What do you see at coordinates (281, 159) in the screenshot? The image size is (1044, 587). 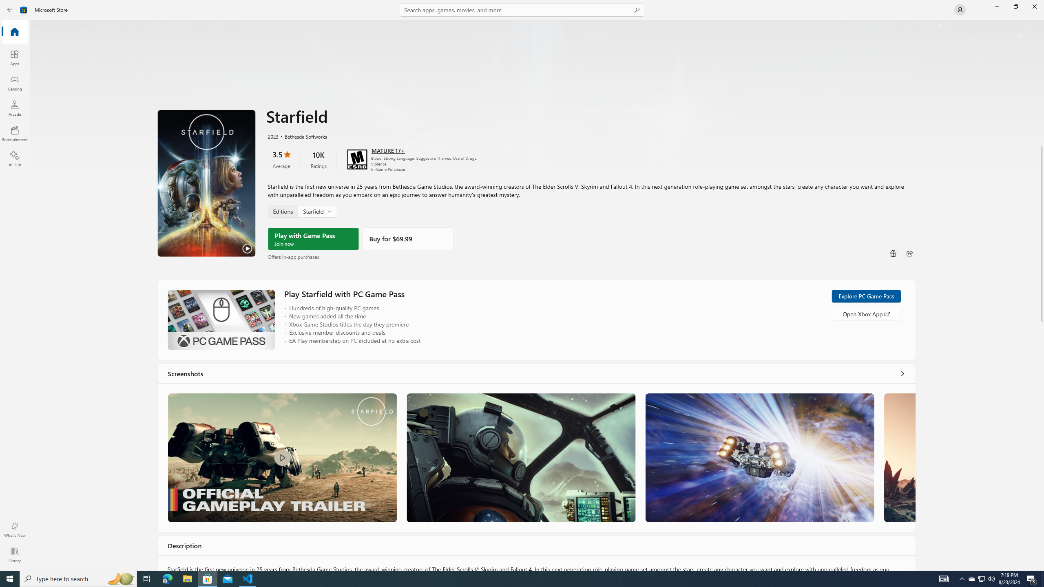 I see `'3.5 stars. Click to skip to ratings and reviews'` at bounding box center [281, 159].